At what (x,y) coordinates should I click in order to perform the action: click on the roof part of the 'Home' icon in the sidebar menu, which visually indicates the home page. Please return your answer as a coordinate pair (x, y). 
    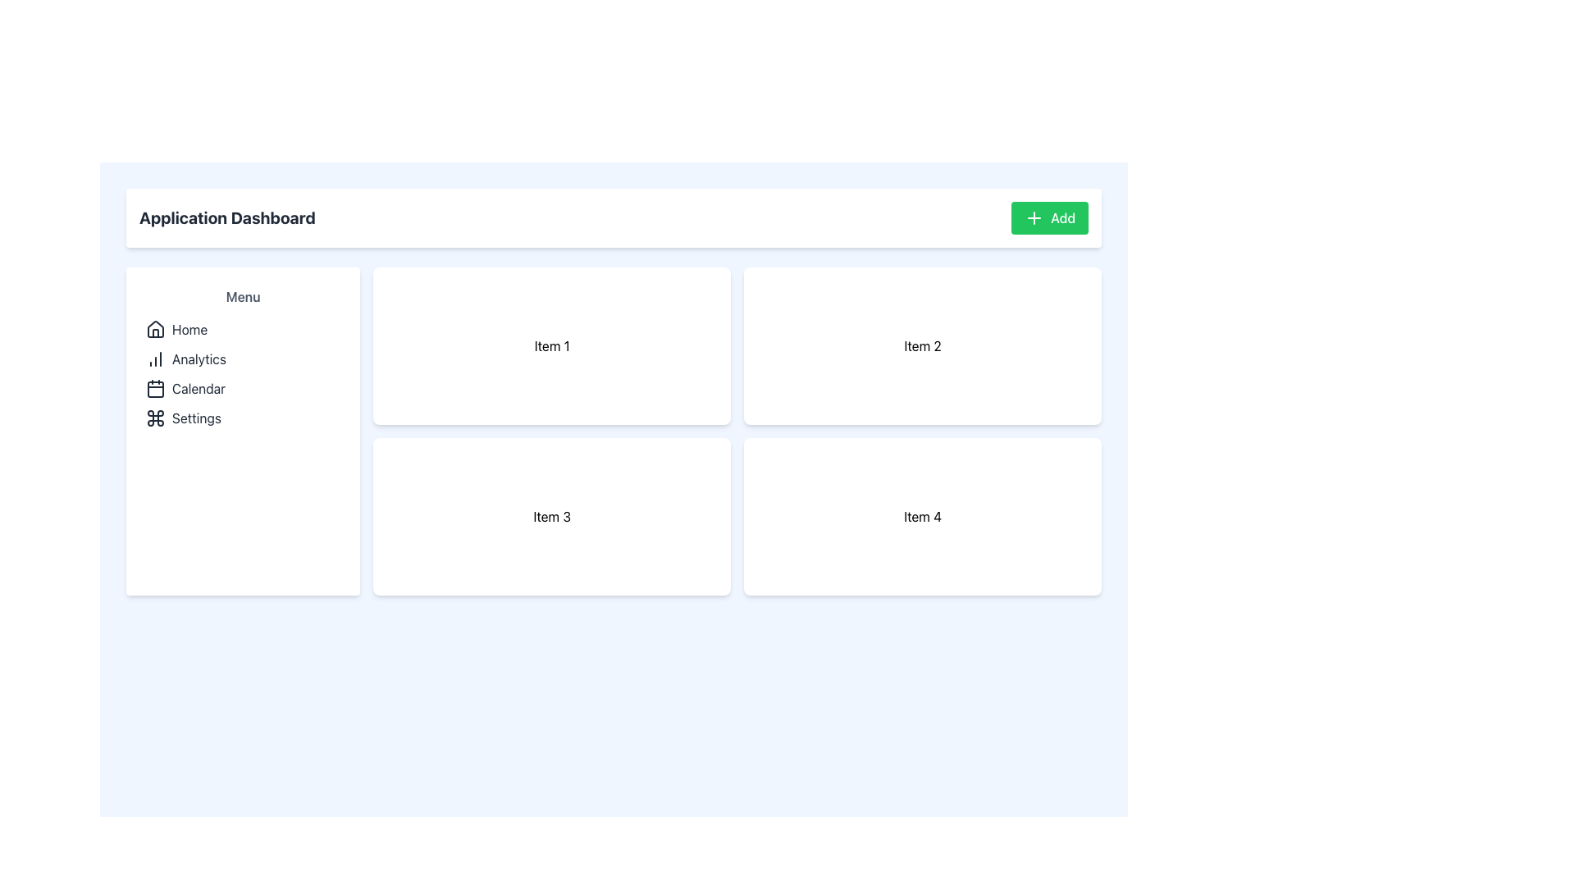
    Looking at the image, I should click on (156, 329).